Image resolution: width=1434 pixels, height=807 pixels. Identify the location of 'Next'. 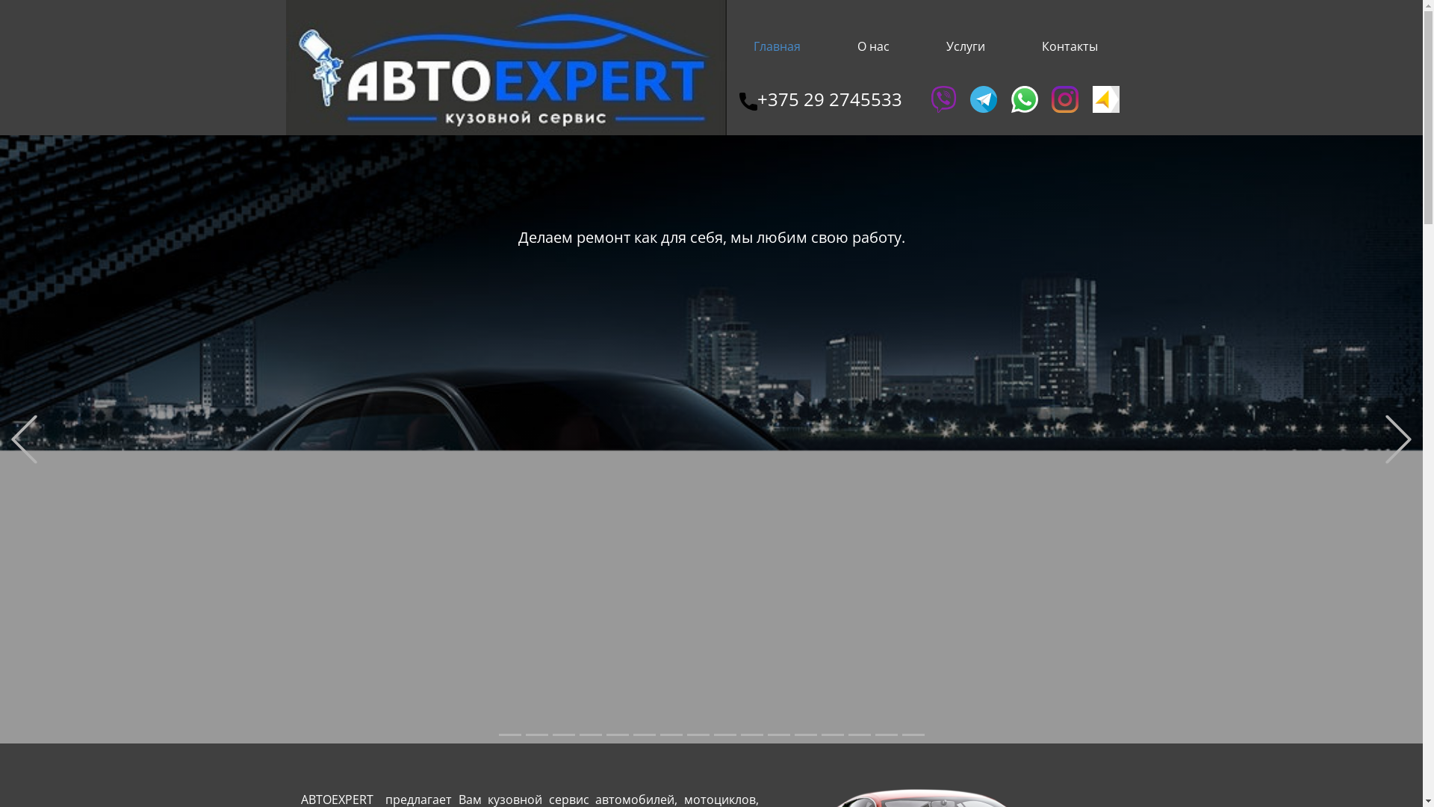
(1397, 439).